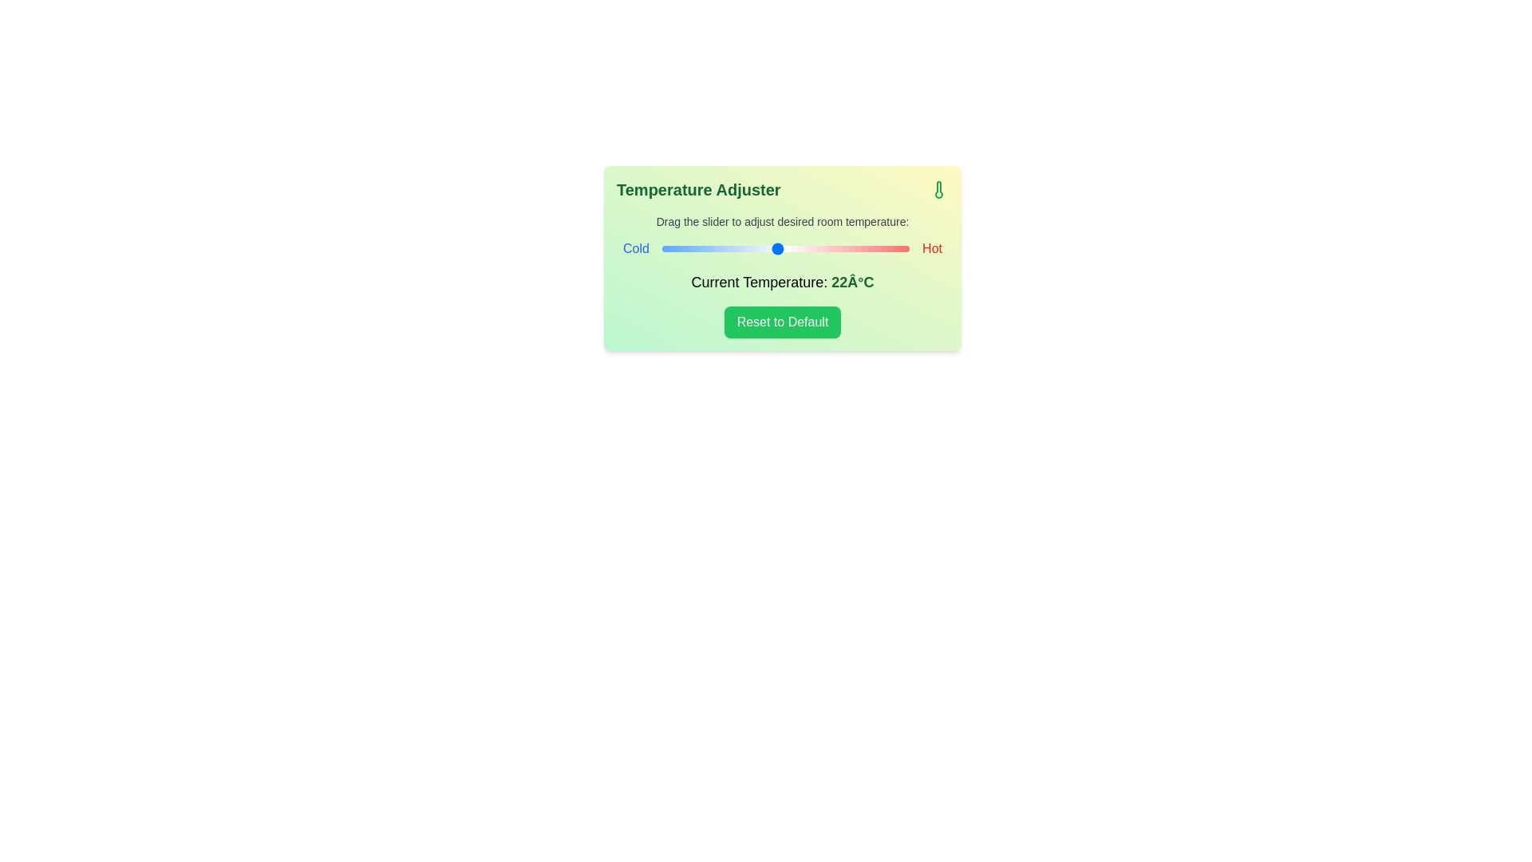 This screenshot has width=1532, height=862. Describe the element at coordinates (777, 249) in the screenshot. I see `the temperature slider to set the temperature to 22°C` at that location.